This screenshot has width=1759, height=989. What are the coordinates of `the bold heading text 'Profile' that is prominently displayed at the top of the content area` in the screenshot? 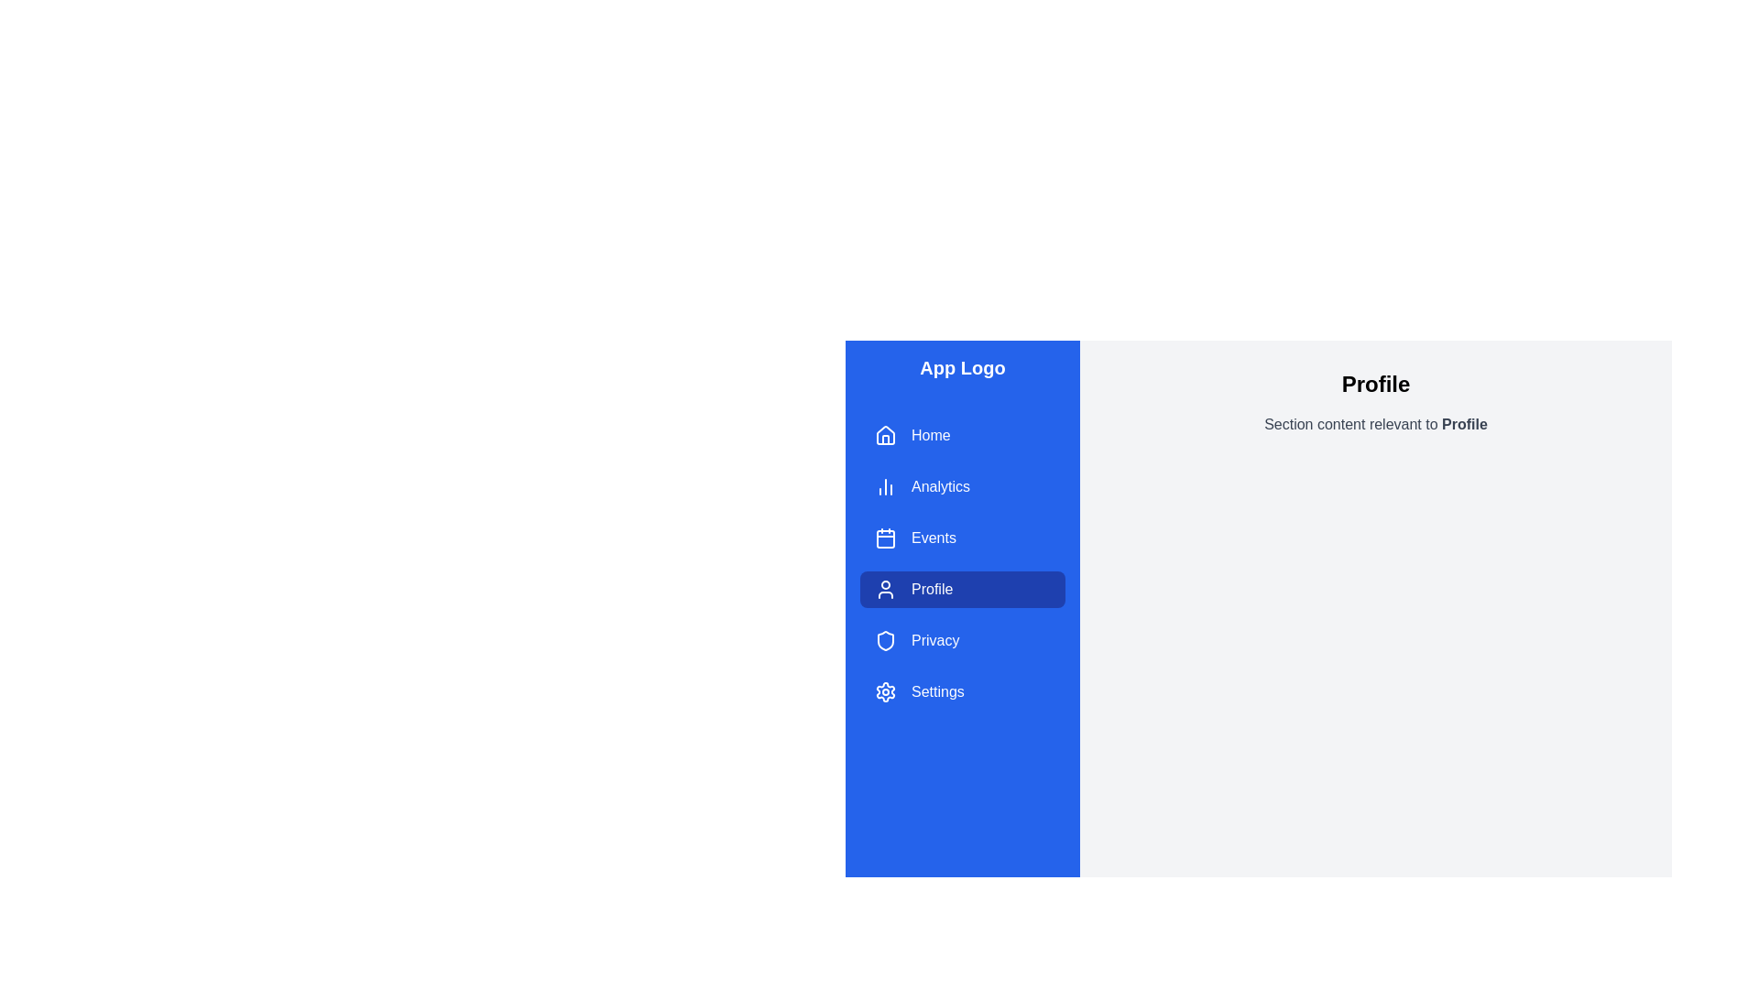 It's located at (1376, 384).